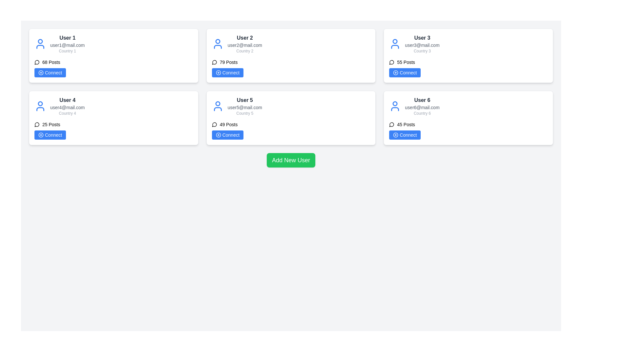  Describe the element at coordinates (218, 135) in the screenshot. I see `circular SVG icon element located in the middle of User 5's card, which is styled with a clear outline and inherits its color from the context, by right-clicking on it` at that location.